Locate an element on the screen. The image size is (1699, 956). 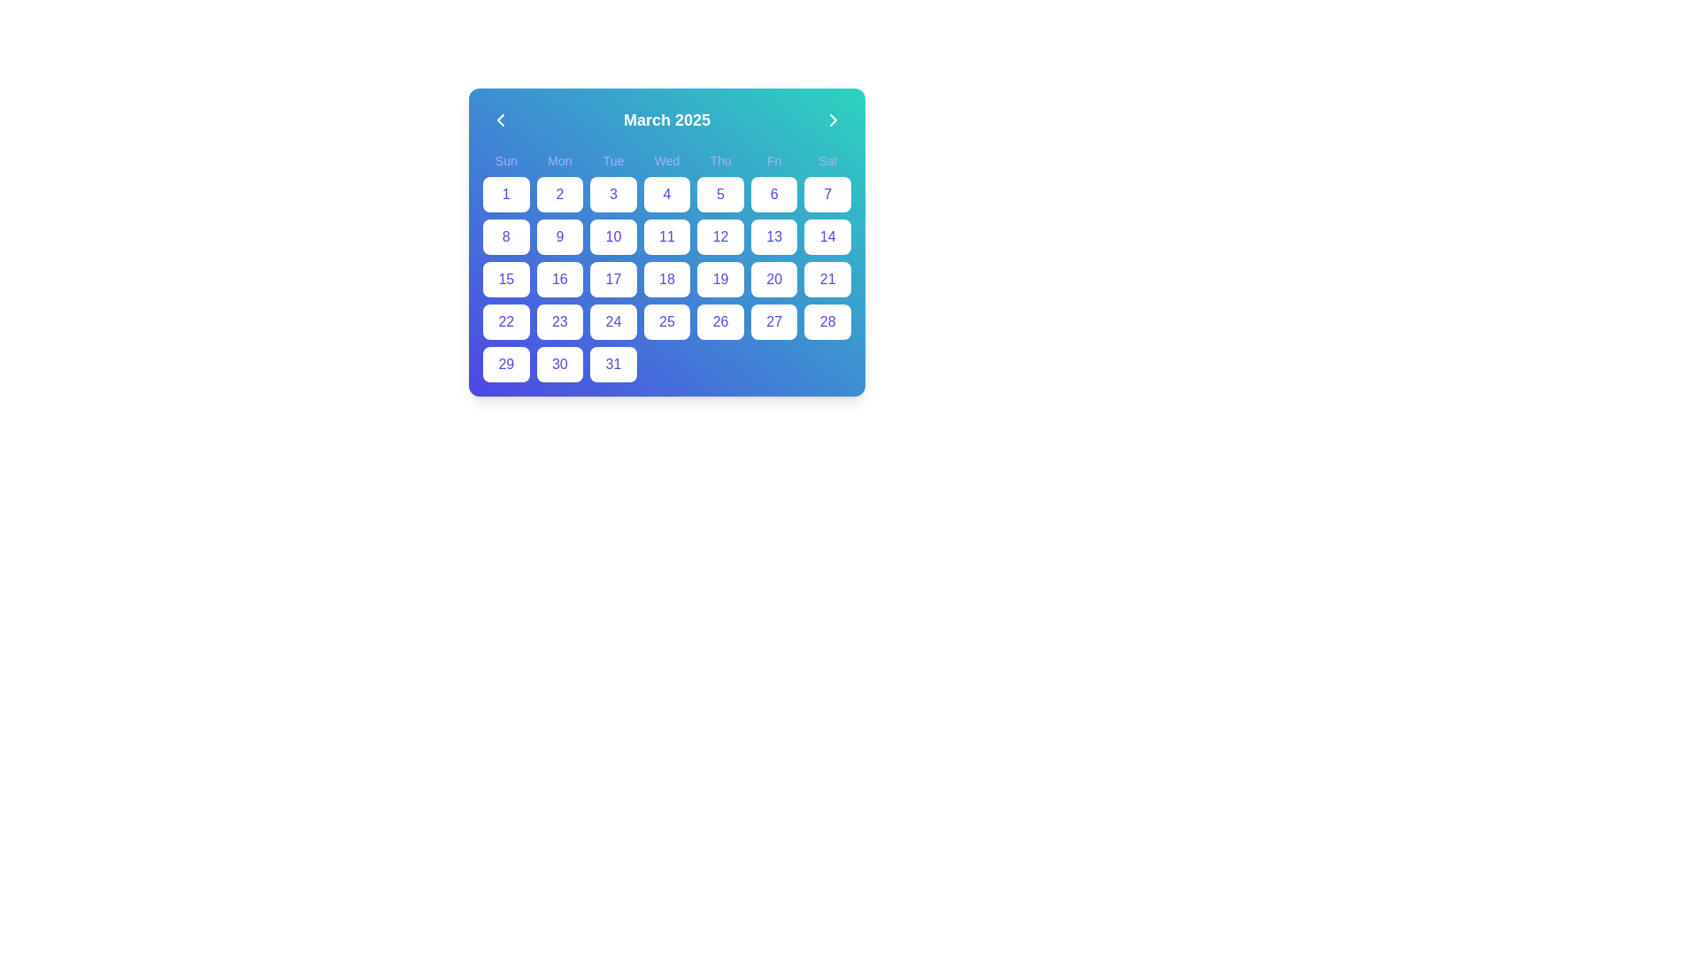
the static text label indicating 'Tuesday' in the calendar interface, which is the third label in the row of days of the week is located at coordinates (613, 160).